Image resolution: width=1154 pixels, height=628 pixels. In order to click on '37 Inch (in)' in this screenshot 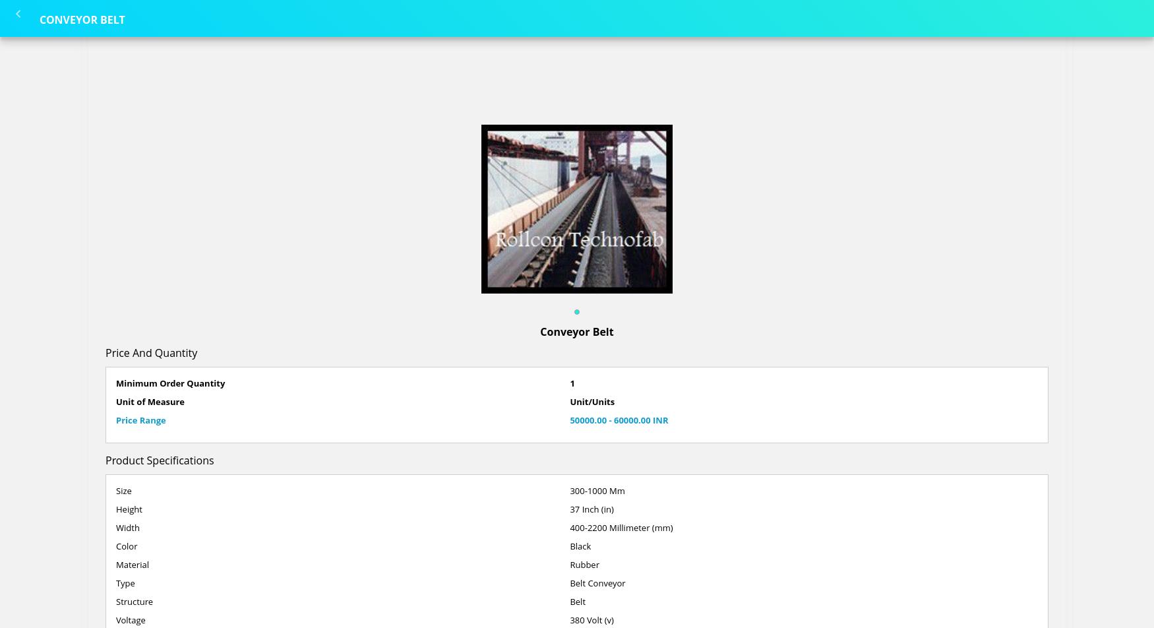, I will do `click(591, 509)`.